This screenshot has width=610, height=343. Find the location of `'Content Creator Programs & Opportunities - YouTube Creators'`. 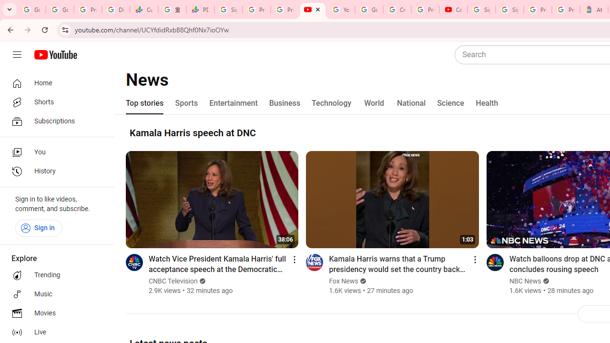

'Content Creator Programs & Opportunities - YouTube Creators' is located at coordinates (453, 10).